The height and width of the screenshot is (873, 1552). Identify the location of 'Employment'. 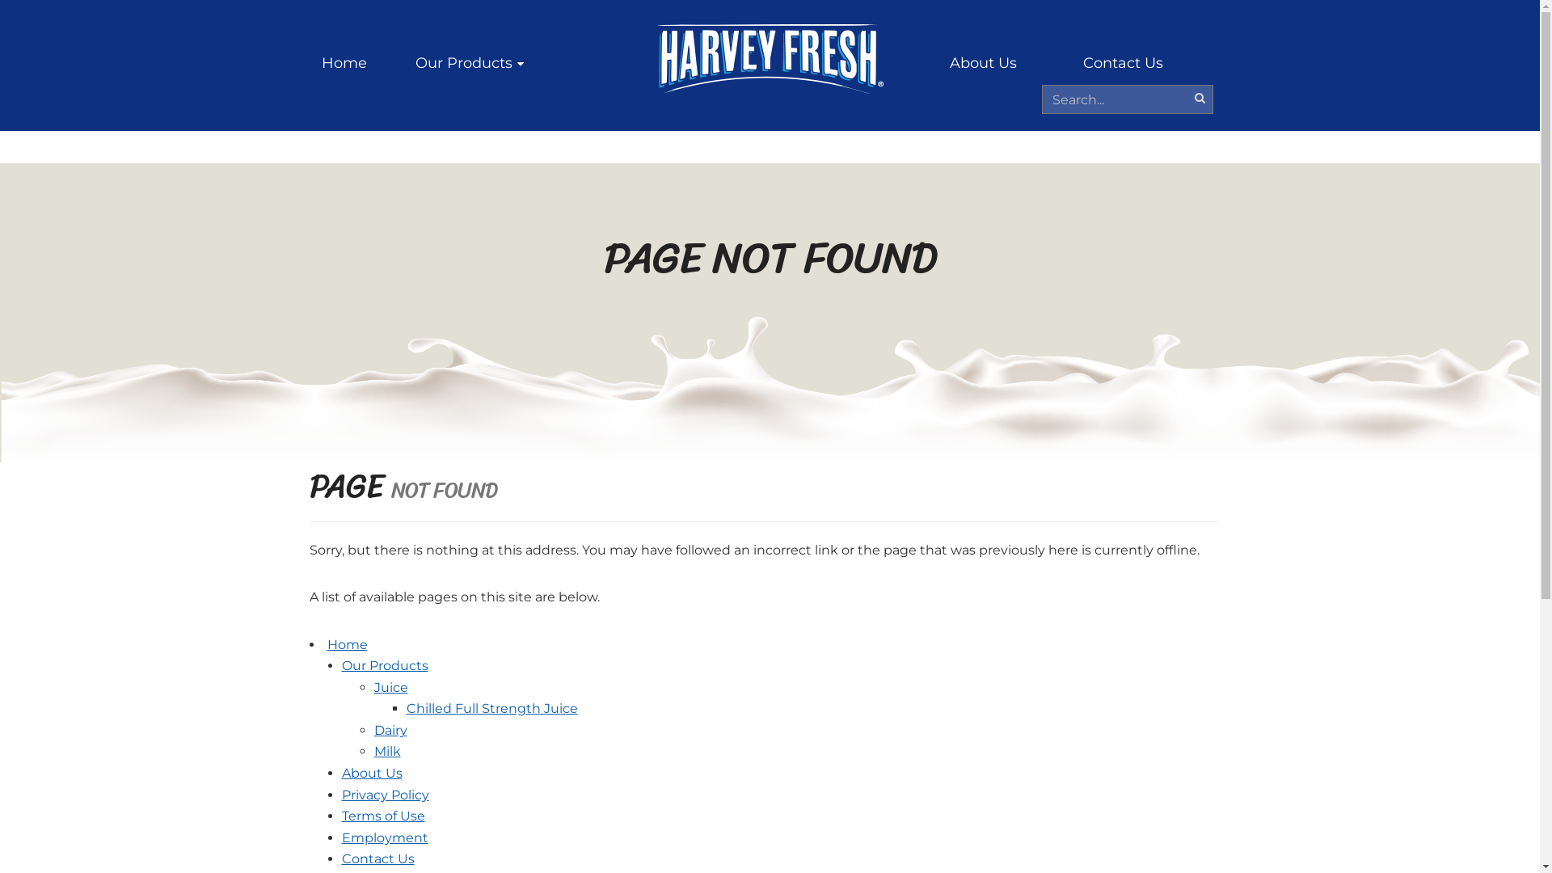
(383, 837).